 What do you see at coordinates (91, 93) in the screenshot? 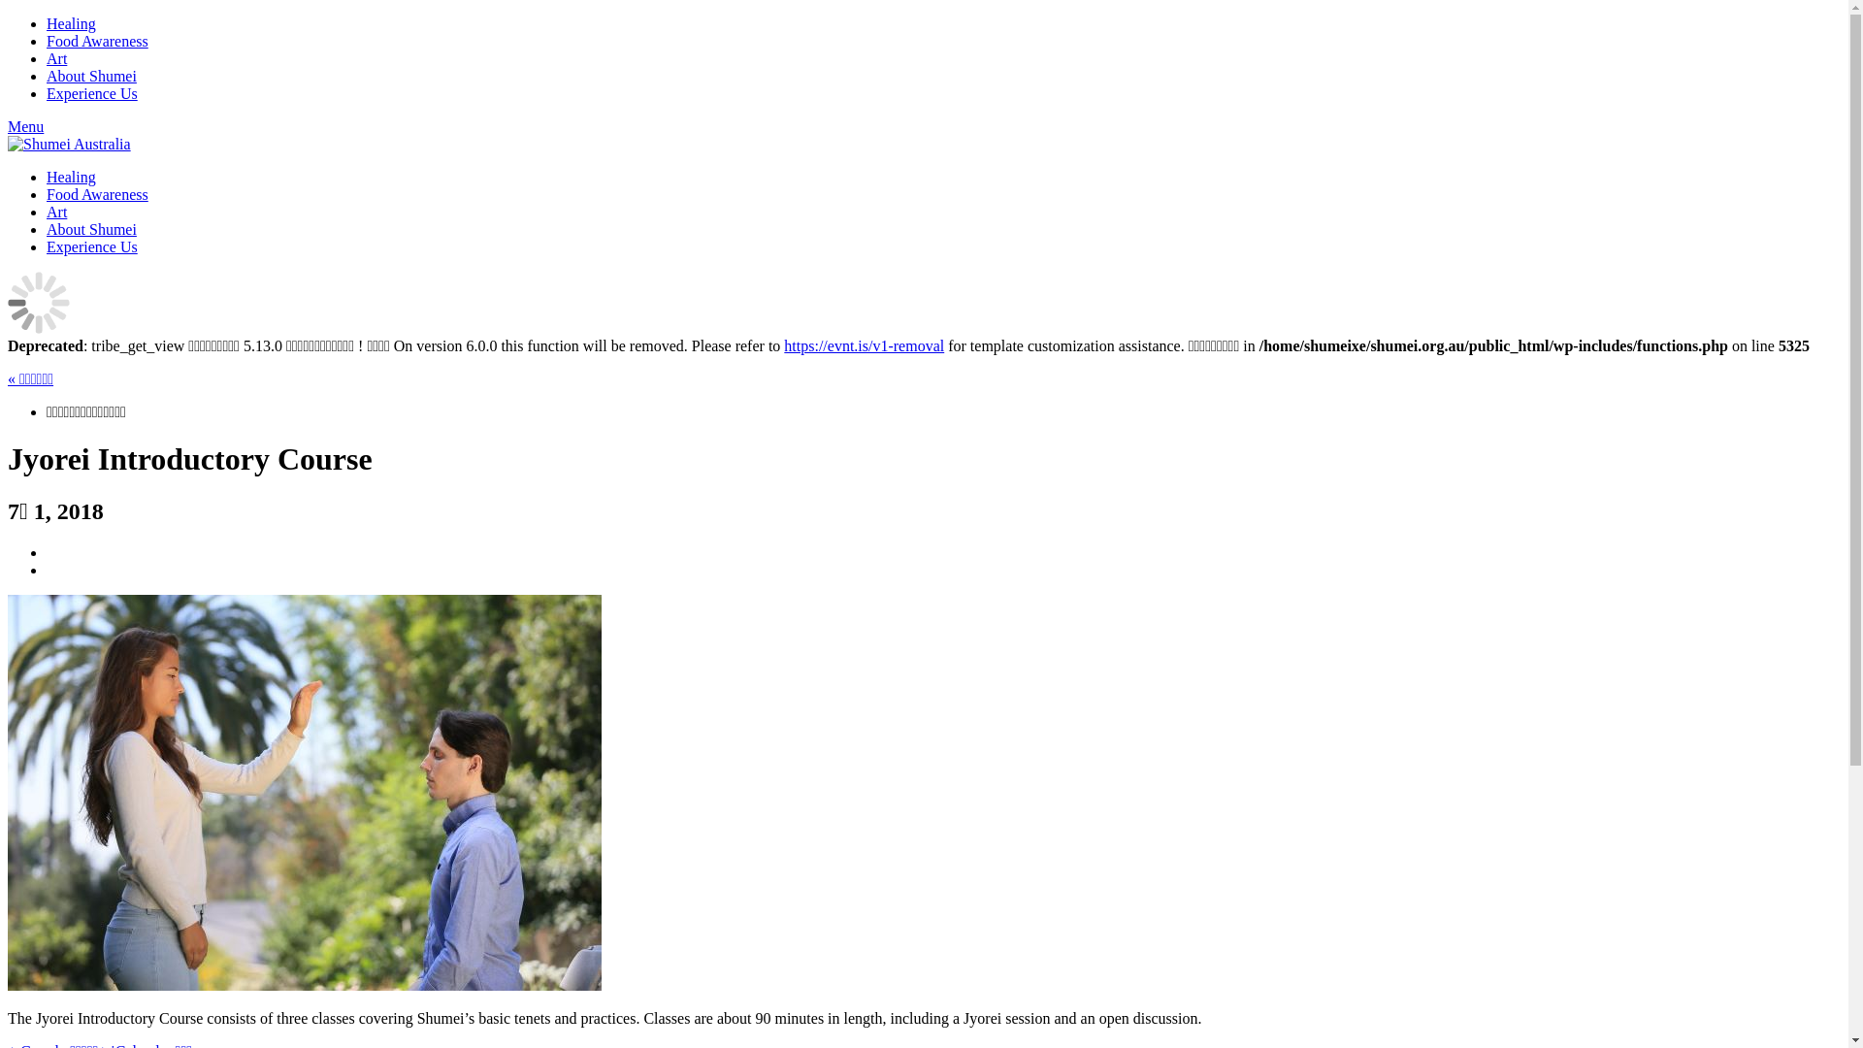
I see `'Experience Us'` at bounding box center [91, 93].